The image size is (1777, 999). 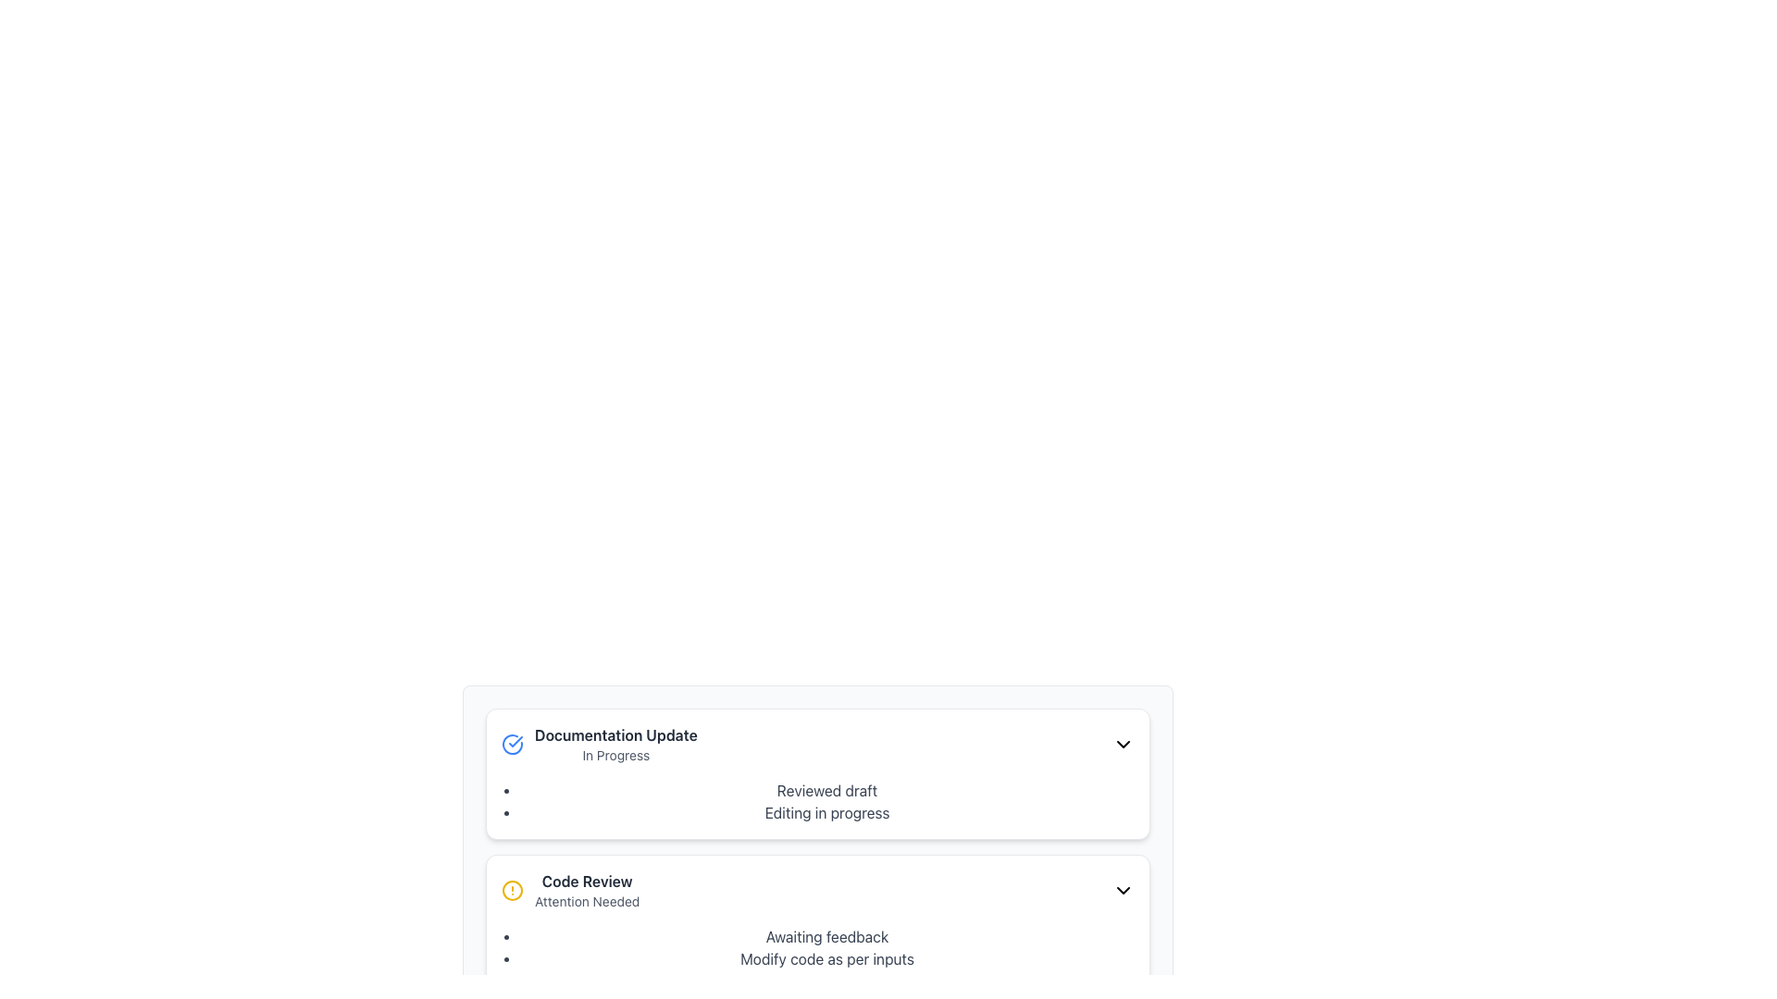 What do you see at coordinates (512, 890) in the screenshot?
I see `the Circular SVG component that serves as the outermost boundary of the alert icon located near the bottom-right section of the main interface` at bounding box center [512, 890].